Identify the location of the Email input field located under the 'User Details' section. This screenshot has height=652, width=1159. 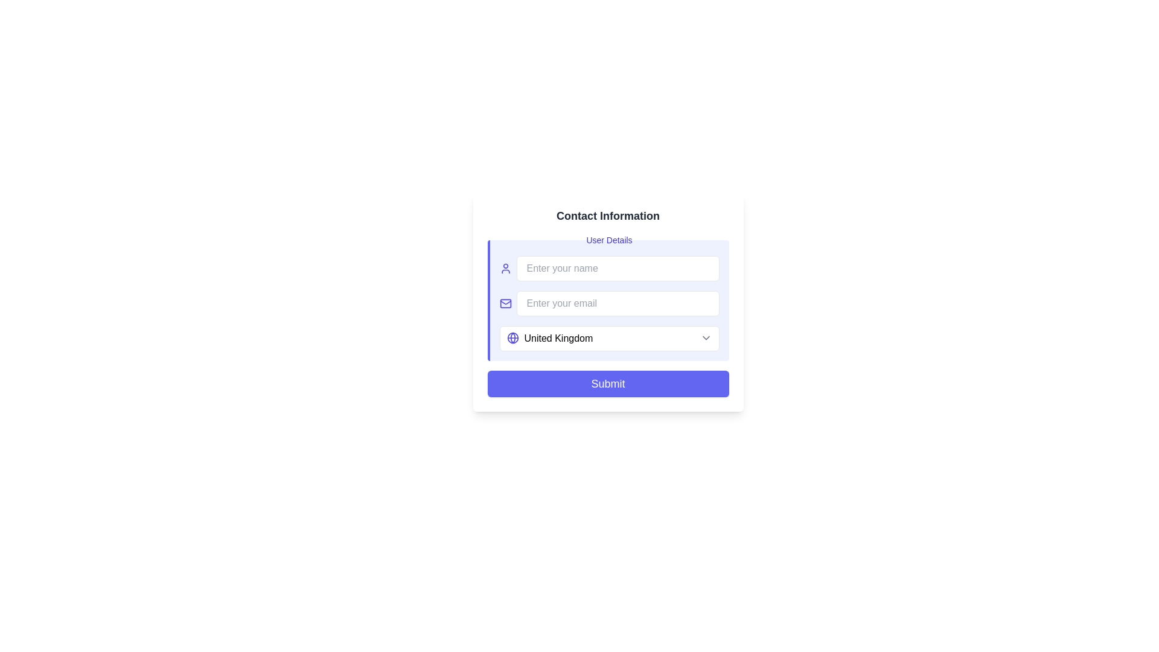
(609, 302).